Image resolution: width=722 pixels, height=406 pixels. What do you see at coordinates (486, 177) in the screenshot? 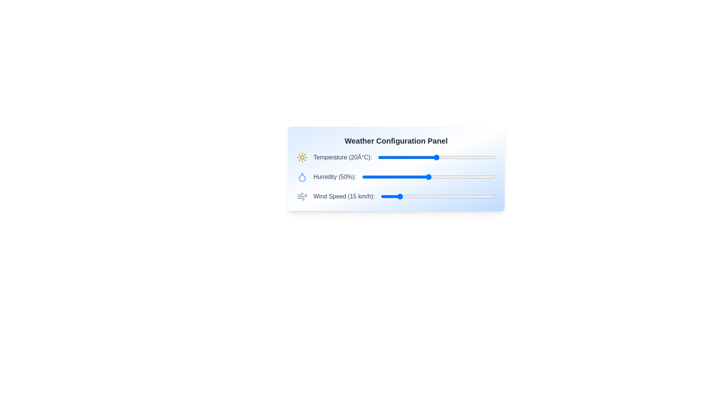
I see `the humidity slider to 93%` at bounding box center [486, 177].